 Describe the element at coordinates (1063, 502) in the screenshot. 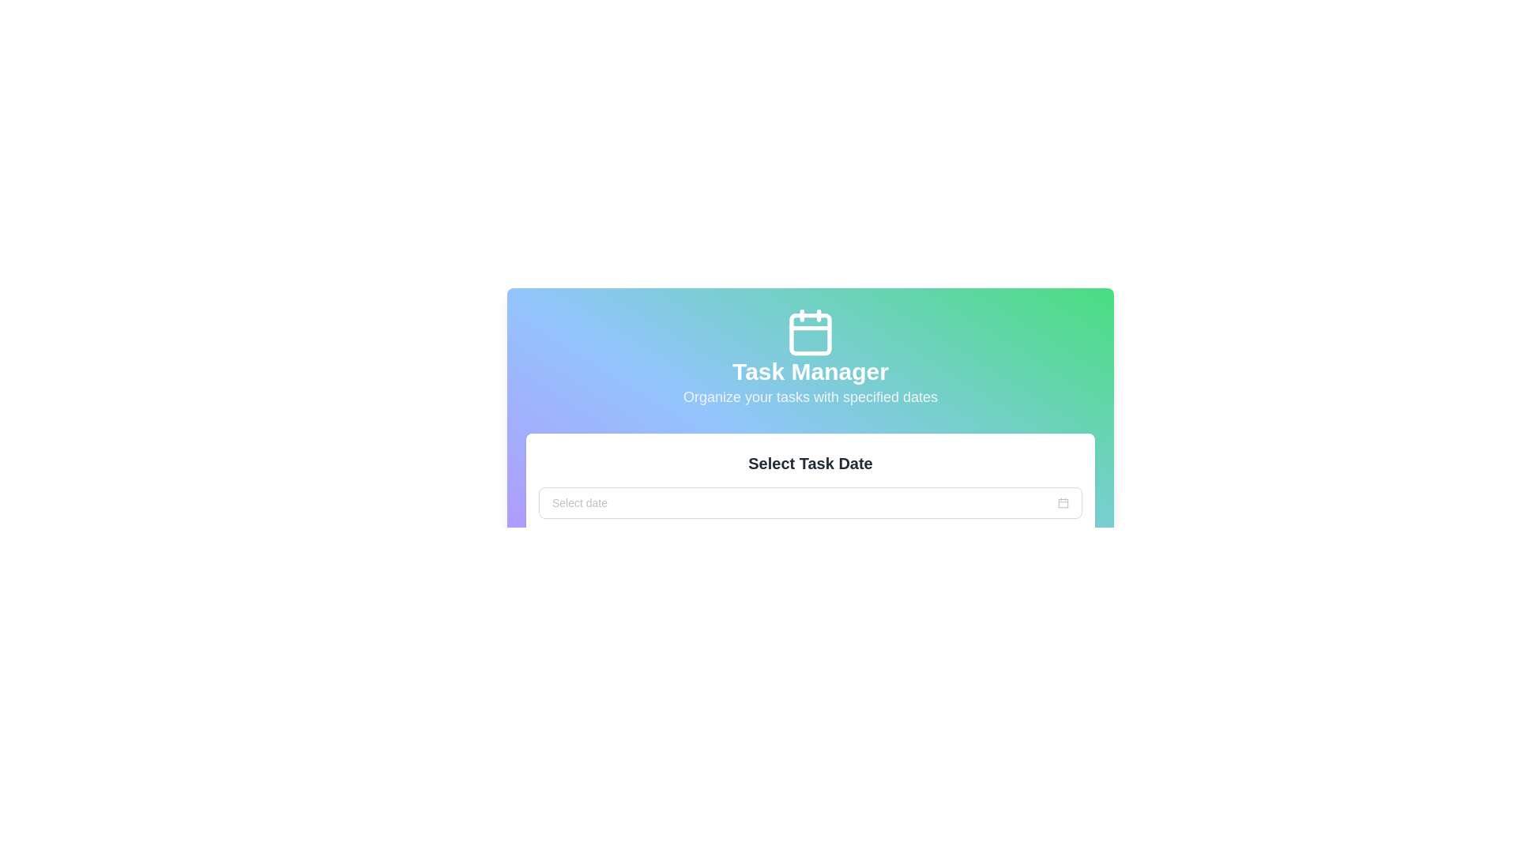

I see `the calendar icon, which is a box-like shape with two small square protrusions on top, located to the right of the 'Select date' text input field within the 'Select Task Date' panel` at that location.